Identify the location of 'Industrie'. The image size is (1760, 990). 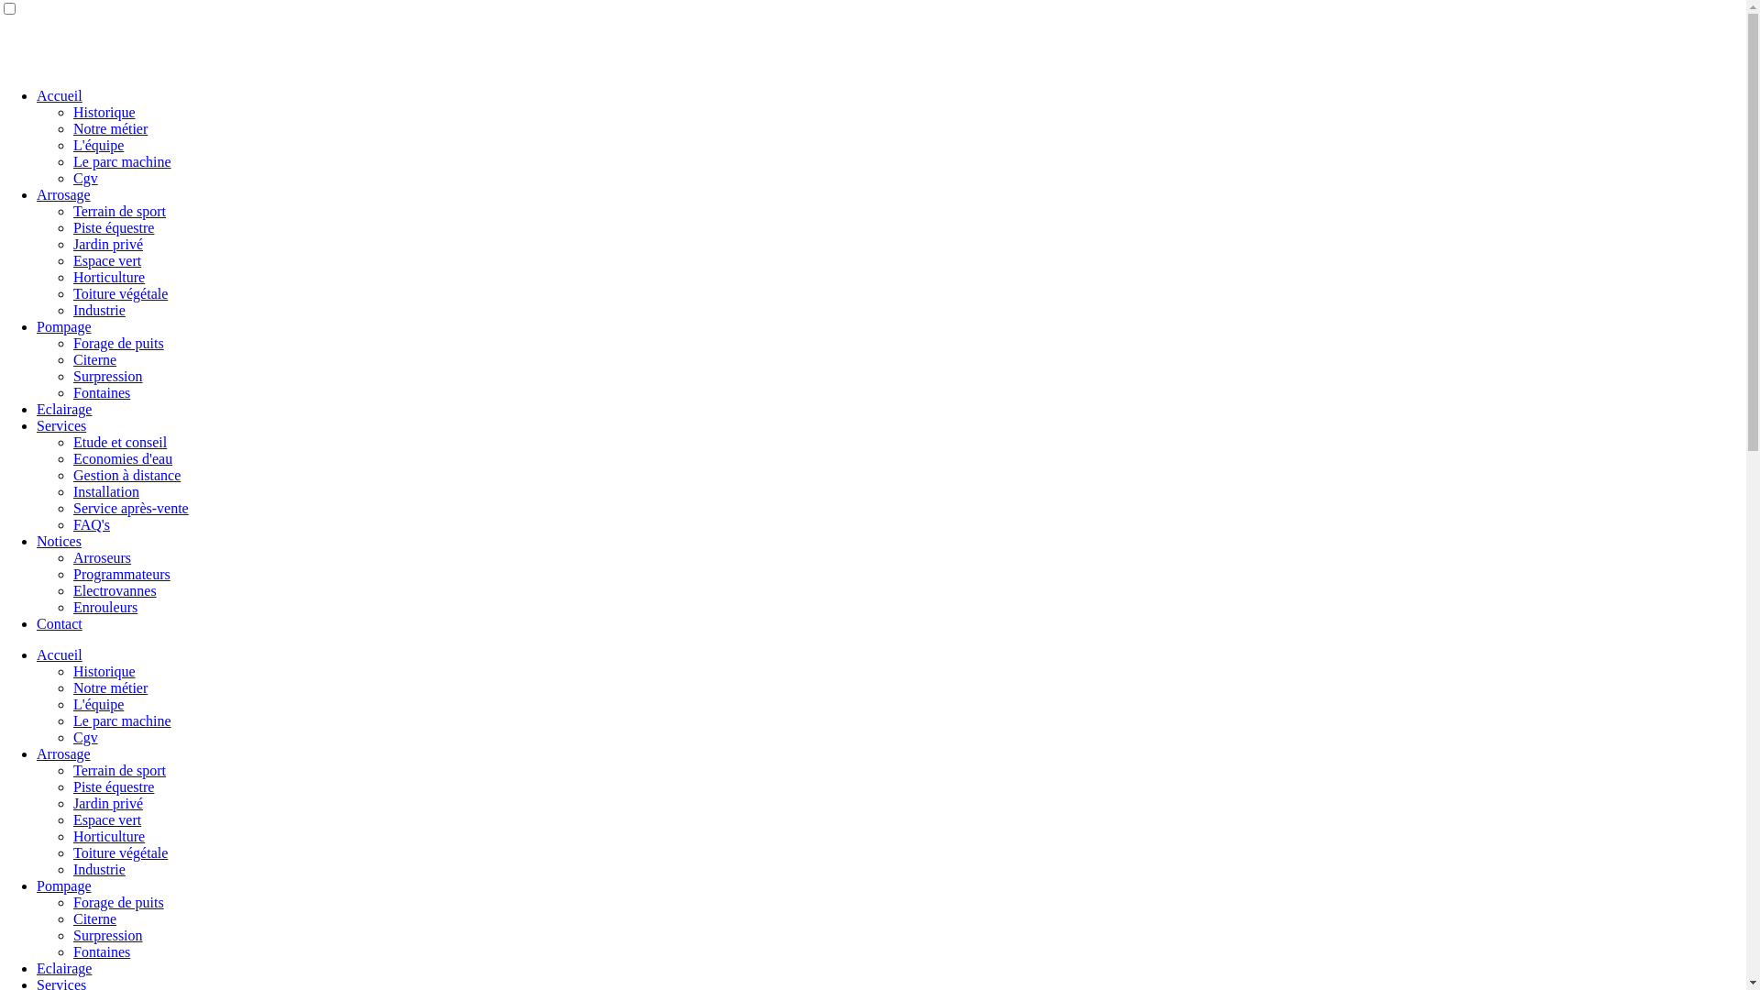
(98, 868).